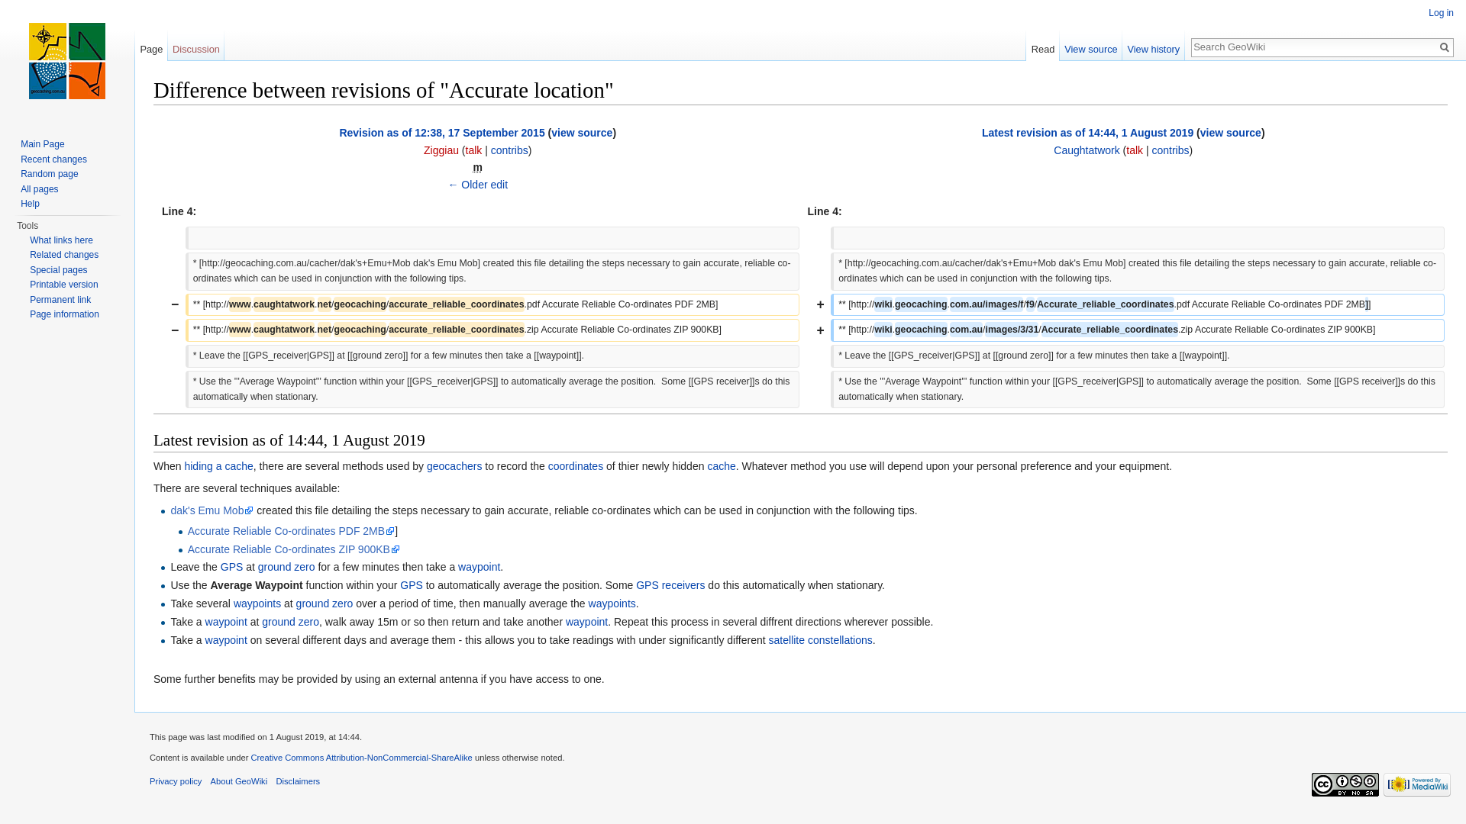 Image resolution: width=1466 pixels, height=824 pixels. What do you see at coordinates (440, 150) in the screenshot?
I see `'Ziggiau'` at bounding box center [440, 150].